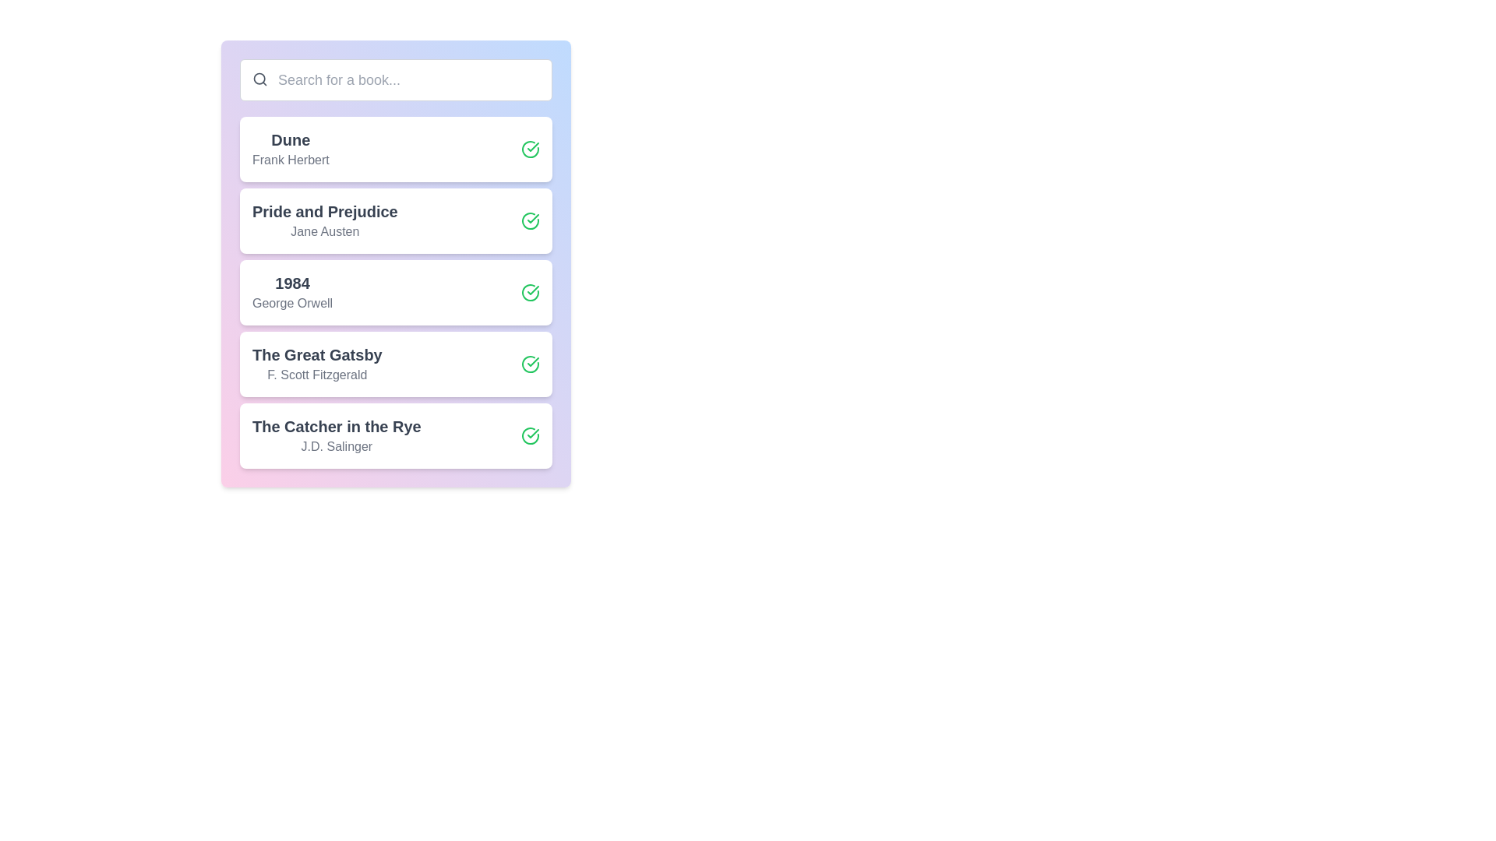  Describe the element at coordinates (324, 221) in the screenshot. I see `the text label displaying 'Pride and Prejudice' by Jane Austen` at that location.